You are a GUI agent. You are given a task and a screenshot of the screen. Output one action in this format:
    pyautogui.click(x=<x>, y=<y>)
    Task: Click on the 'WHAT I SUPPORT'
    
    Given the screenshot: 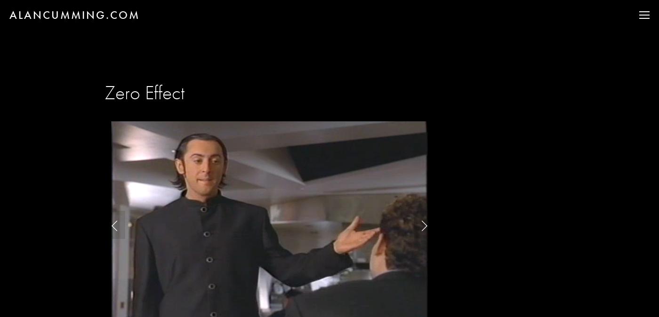 What is the action you would take?
    pyautogui.click(x=582, y=95)
    